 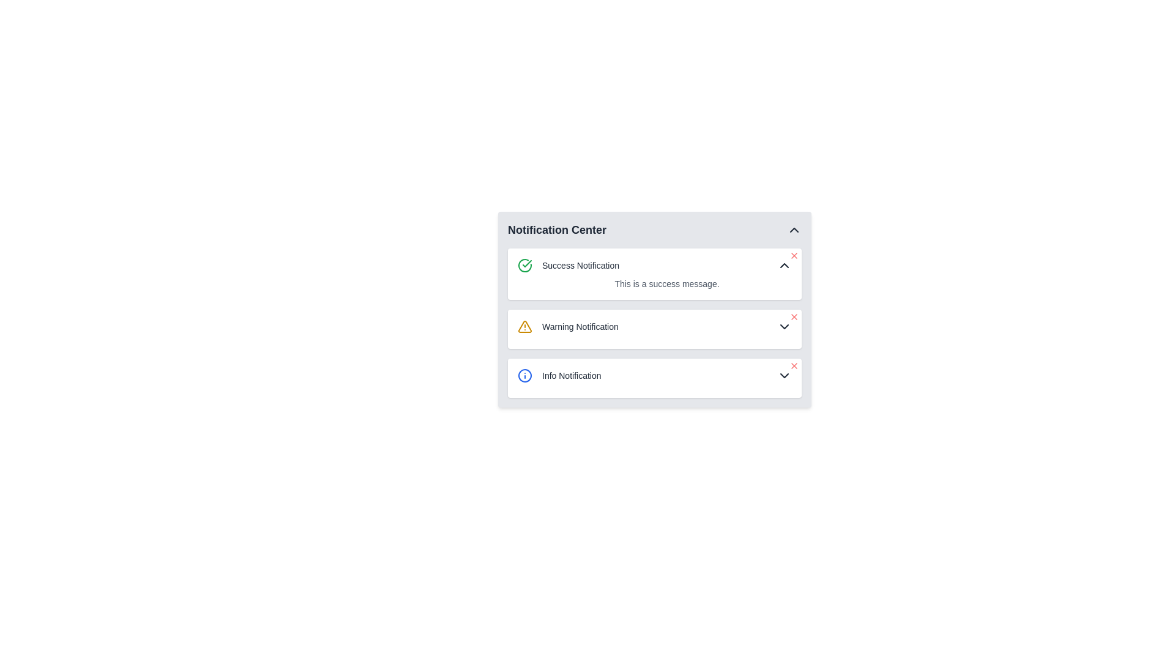 What do you see at coordinates (794, 316) in the screenshot?
I see `the dismiss button located in the top-right corner of the 'Warning Notification' panel` at bounding box center [794, 316].